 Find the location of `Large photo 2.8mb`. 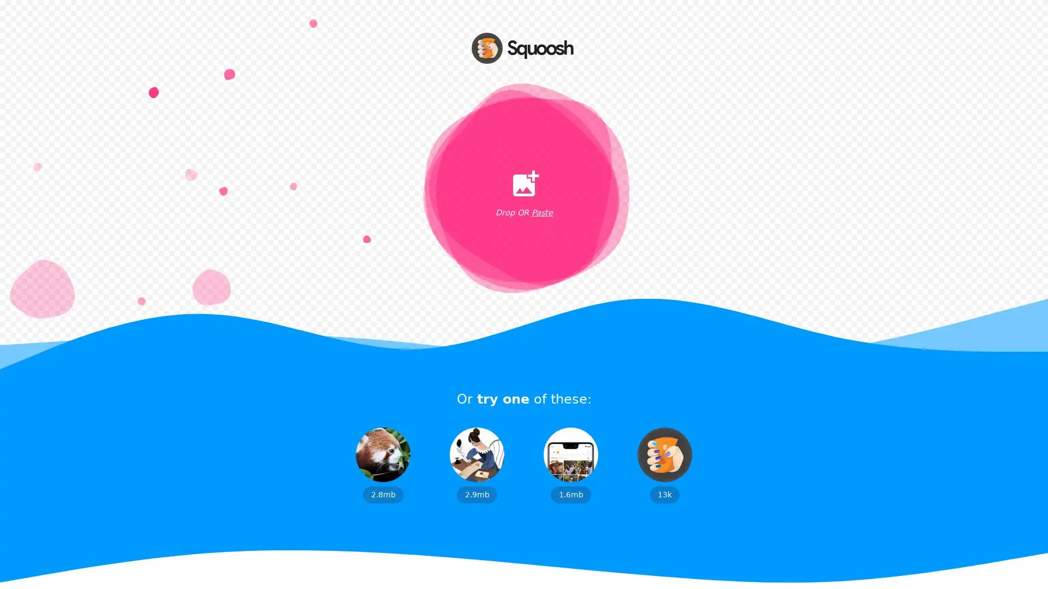

Large photo 2.8mb is located at coordinates (383, 465).